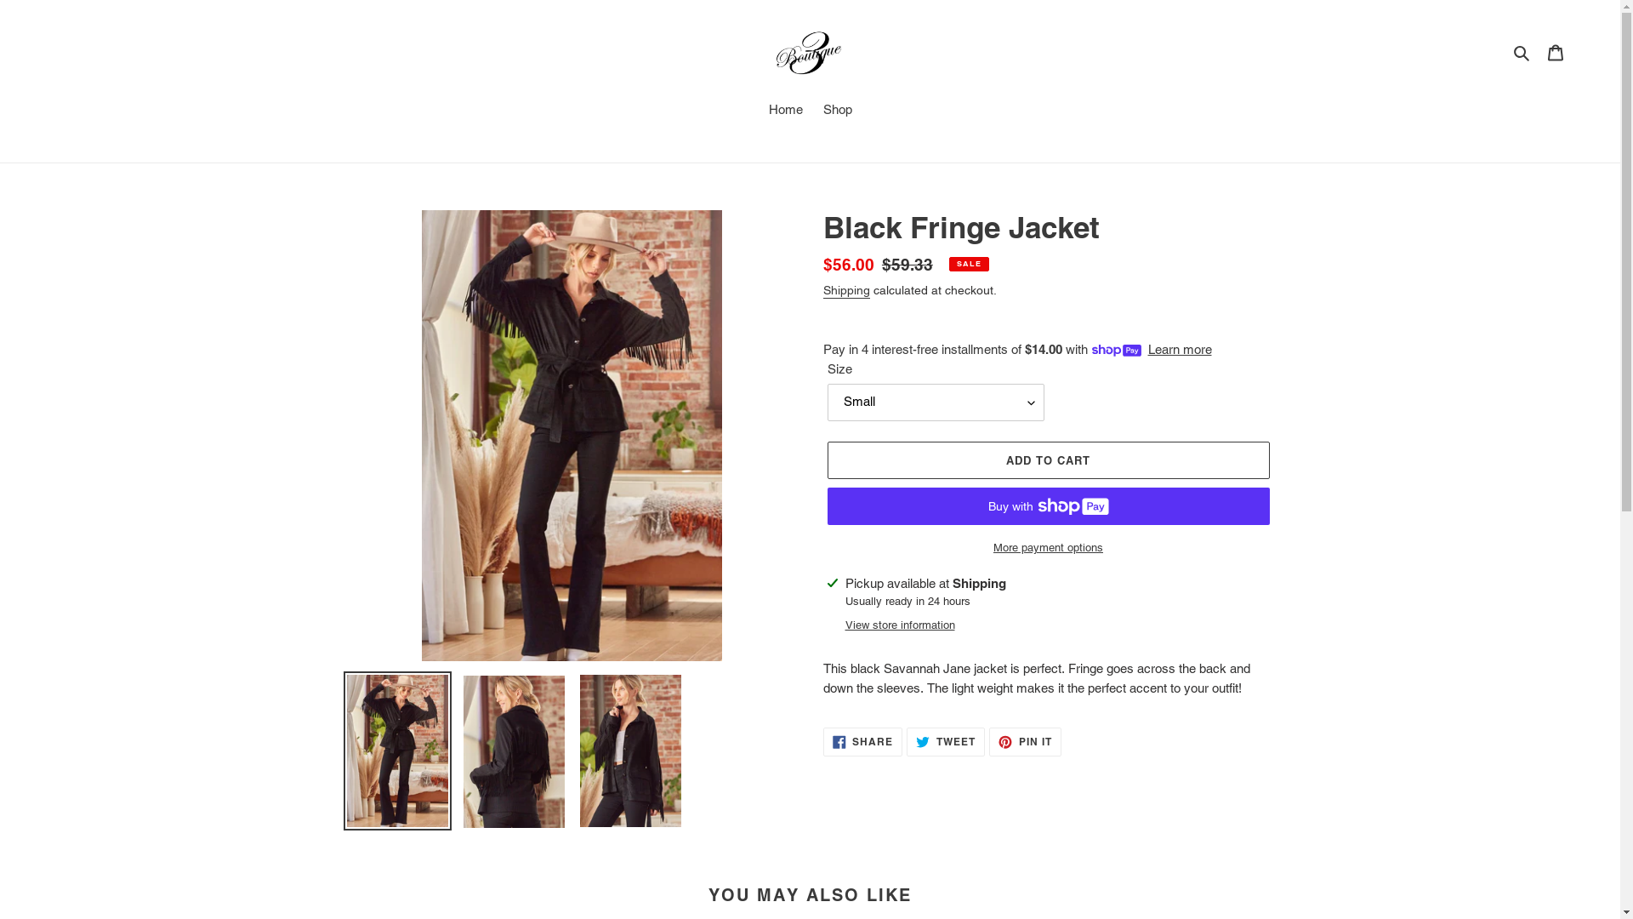 This screenshot has height=919, width=1633. I want to click on 'More payment options', so click(1047, 548).